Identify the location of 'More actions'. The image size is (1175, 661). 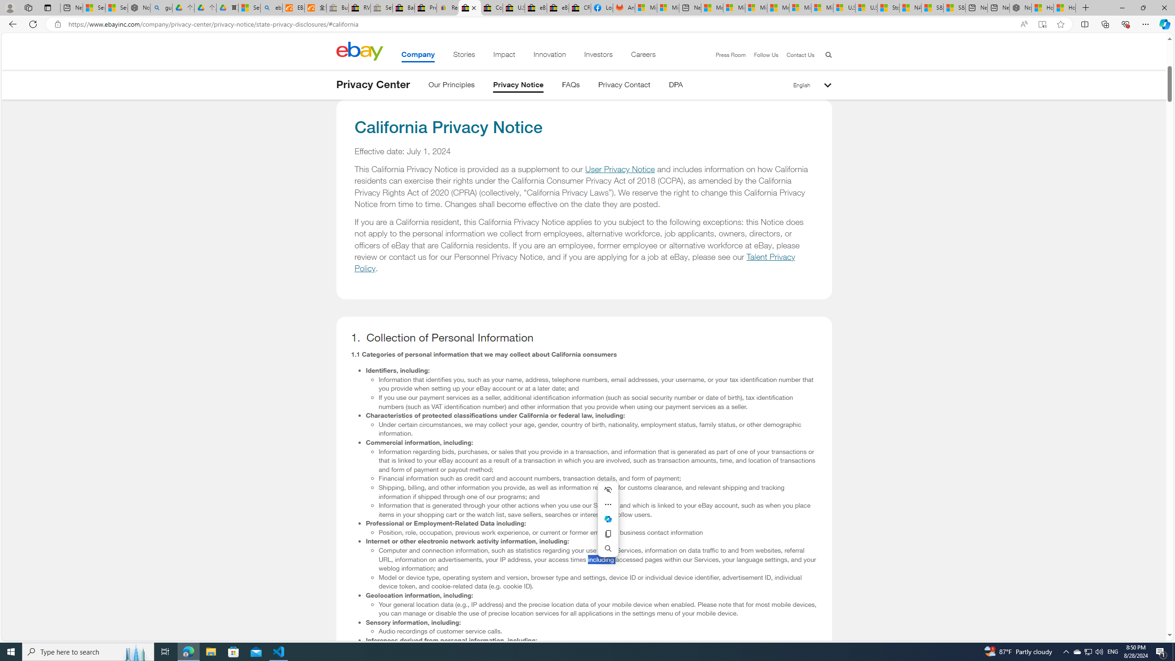
(608, 504).